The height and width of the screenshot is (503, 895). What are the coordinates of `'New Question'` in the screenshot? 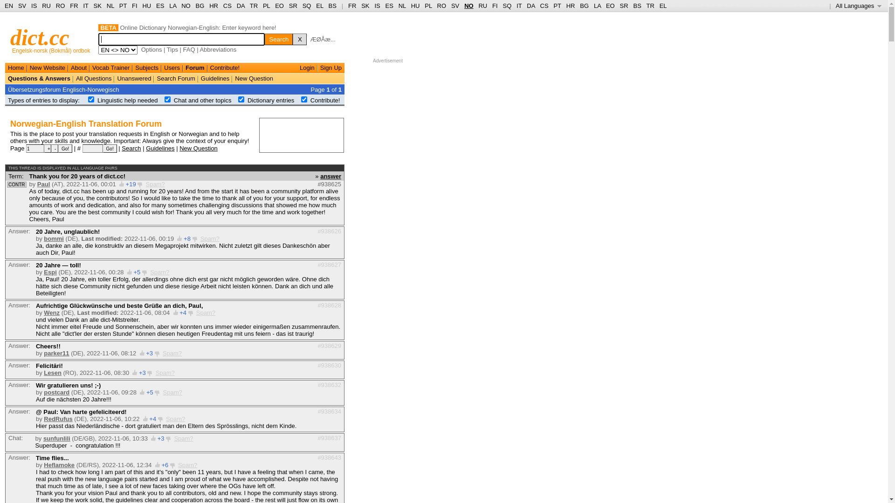 It's located at (254, 78).